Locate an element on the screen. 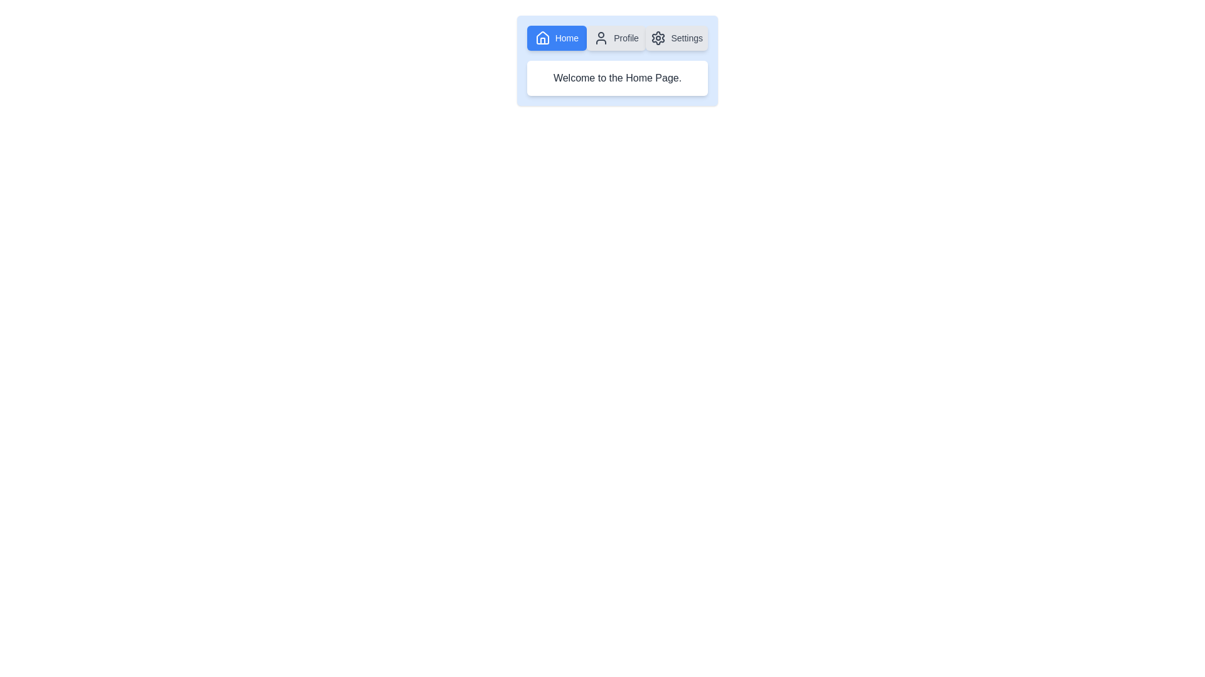  the text display box that shows 'Welcome to the Home Page.' with a white background, rounded corners, and a shadow effect, located centrally below the navigation bar is located at coordinates (617, 78).